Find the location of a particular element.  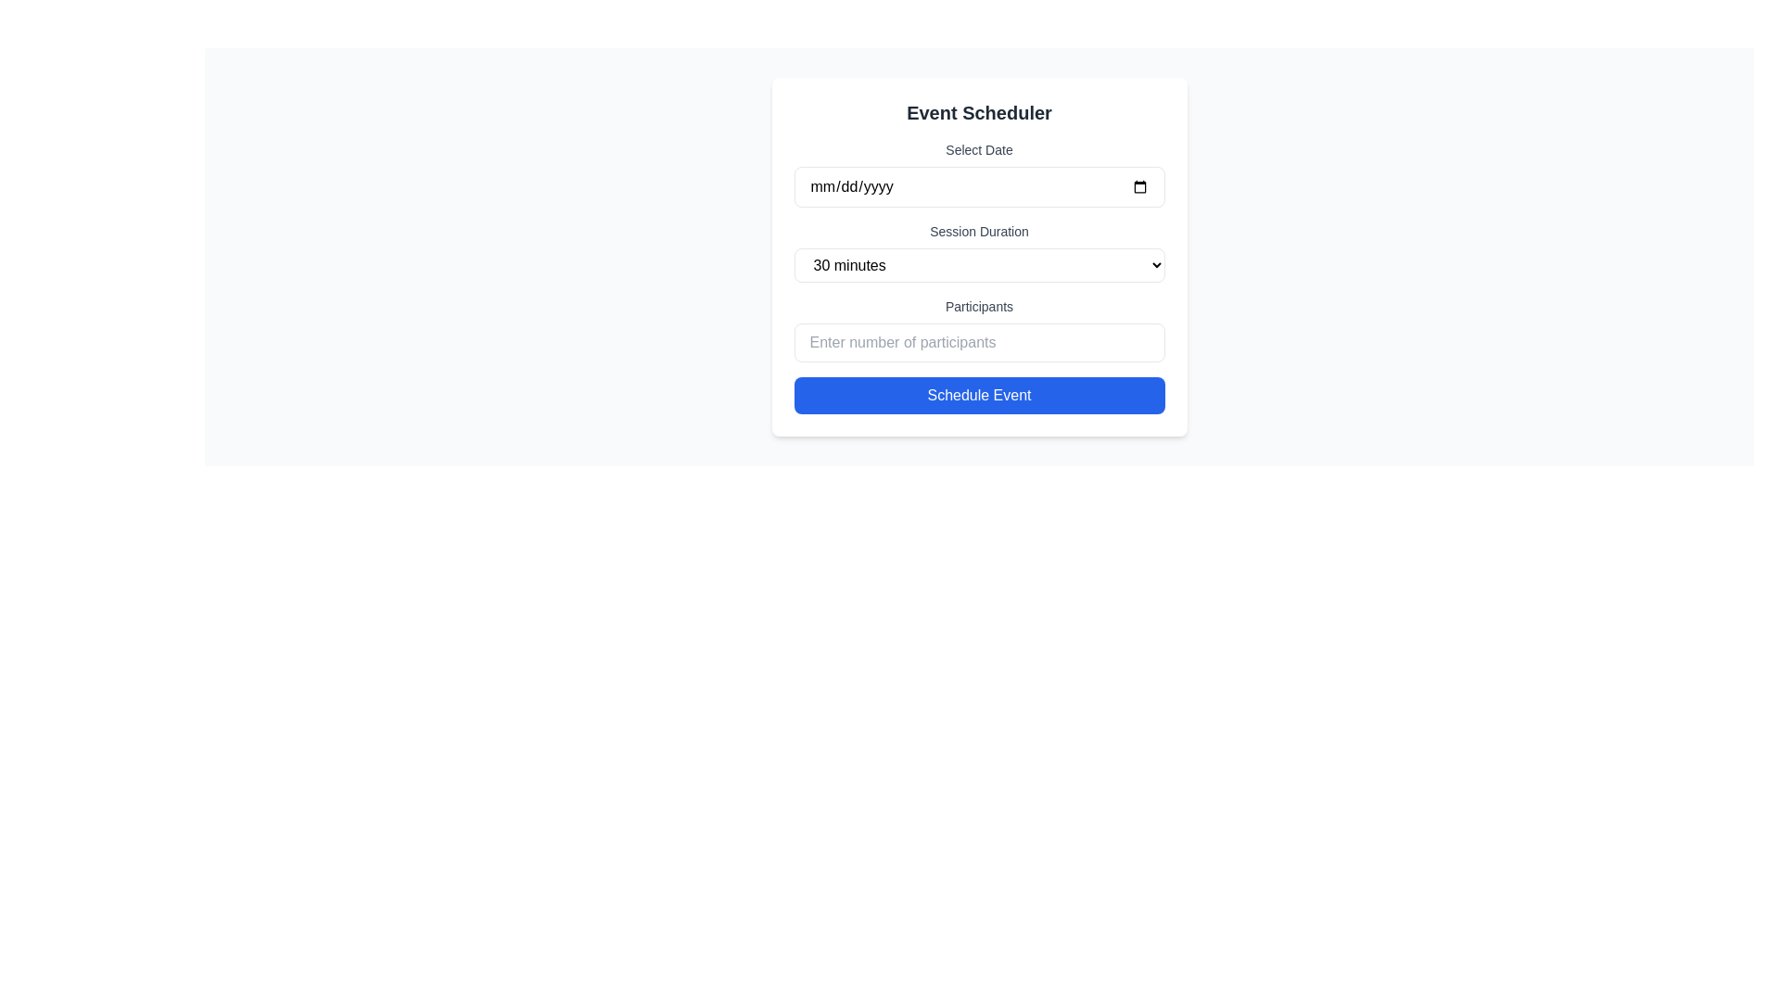

the text label that provides context for the adjacent date input field in the 'Event Scheduler' form, positioned at the top of the form is located at coordinates (978, 149).